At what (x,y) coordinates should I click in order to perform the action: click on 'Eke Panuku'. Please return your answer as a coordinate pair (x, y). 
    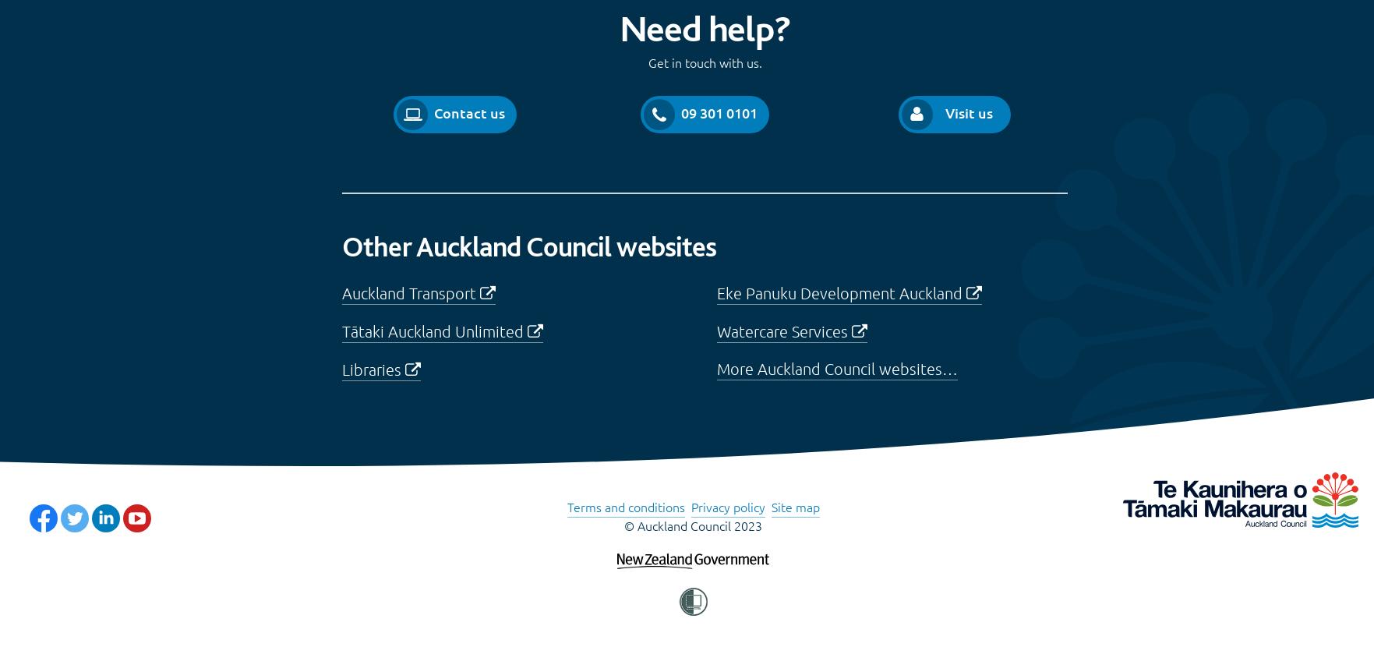
    Looking at the image, I should click on (715, 292).